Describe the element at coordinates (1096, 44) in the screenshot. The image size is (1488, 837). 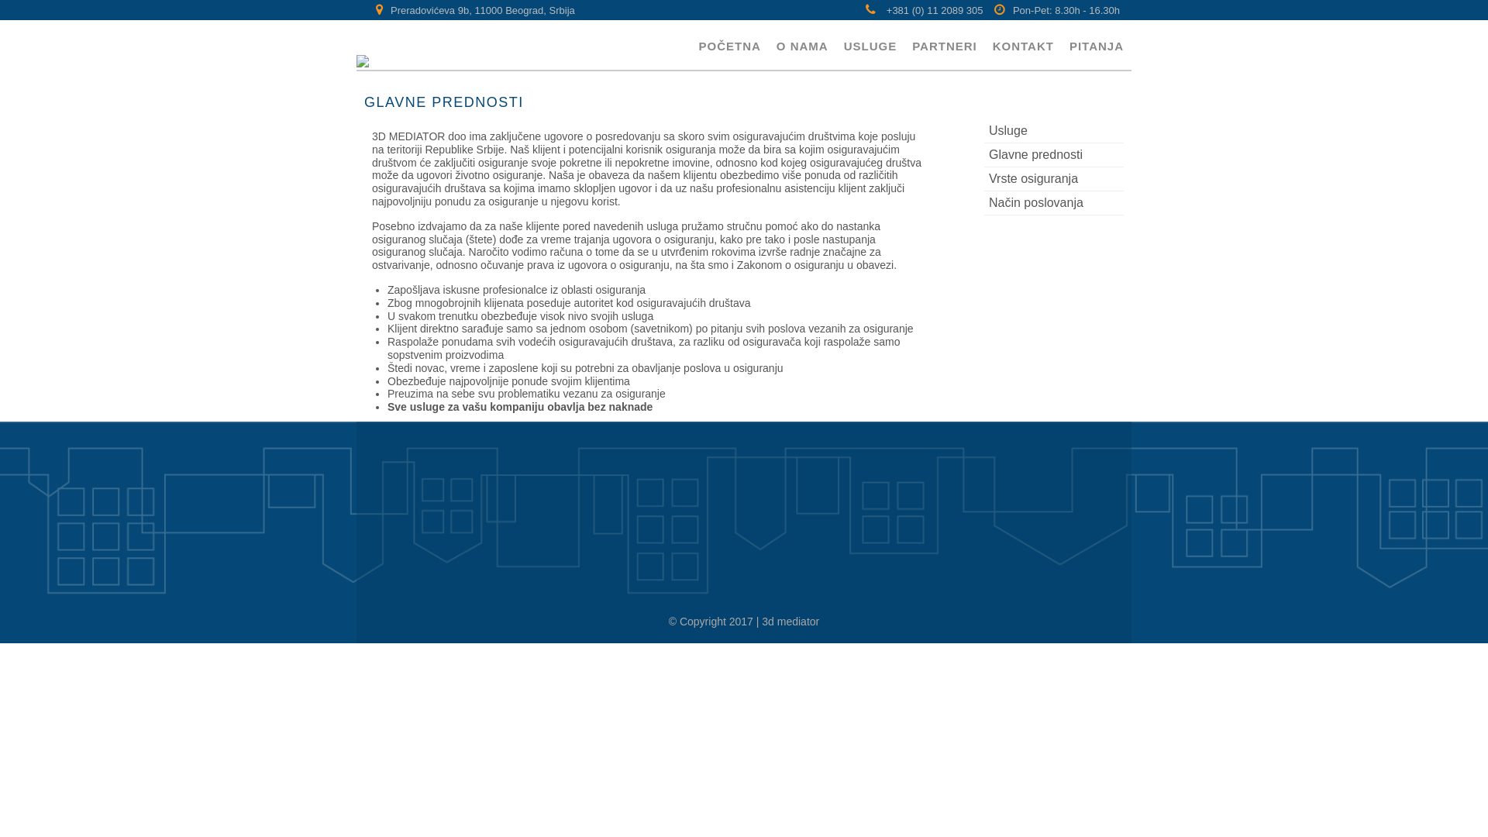
I see `'PITANJA'` at that location.